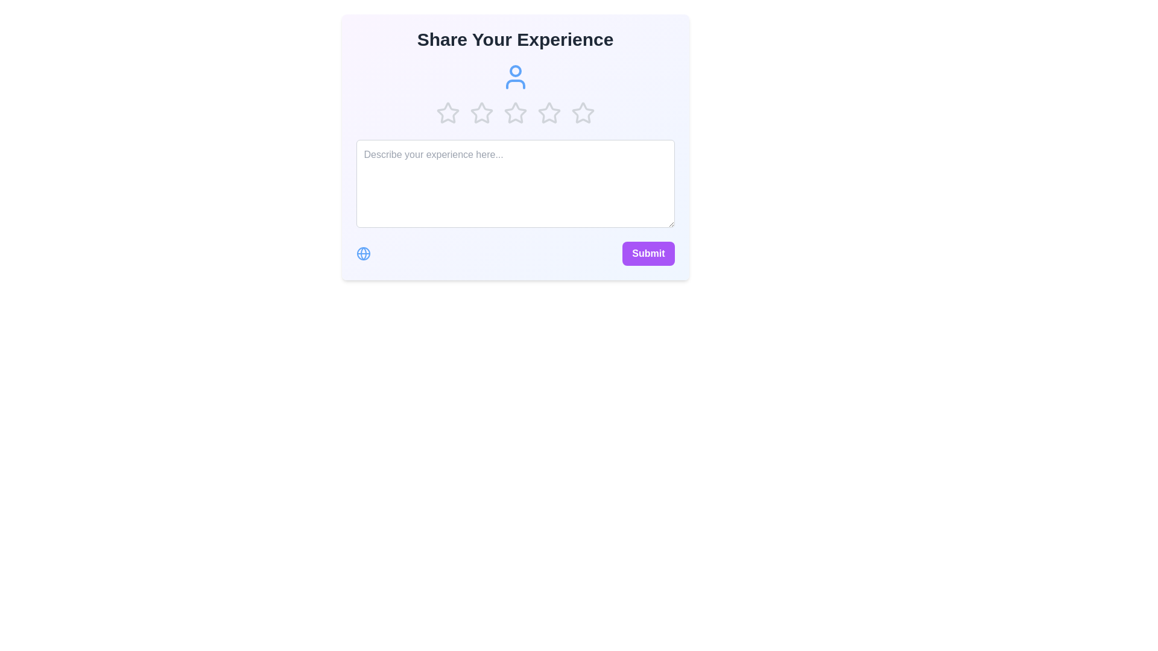 The width and height of the screenshot is (1158, 651). I want to click on the first star-shaped rating icon, which is outlined in light gray and turns yellow upon interaction, so click(447, 113).